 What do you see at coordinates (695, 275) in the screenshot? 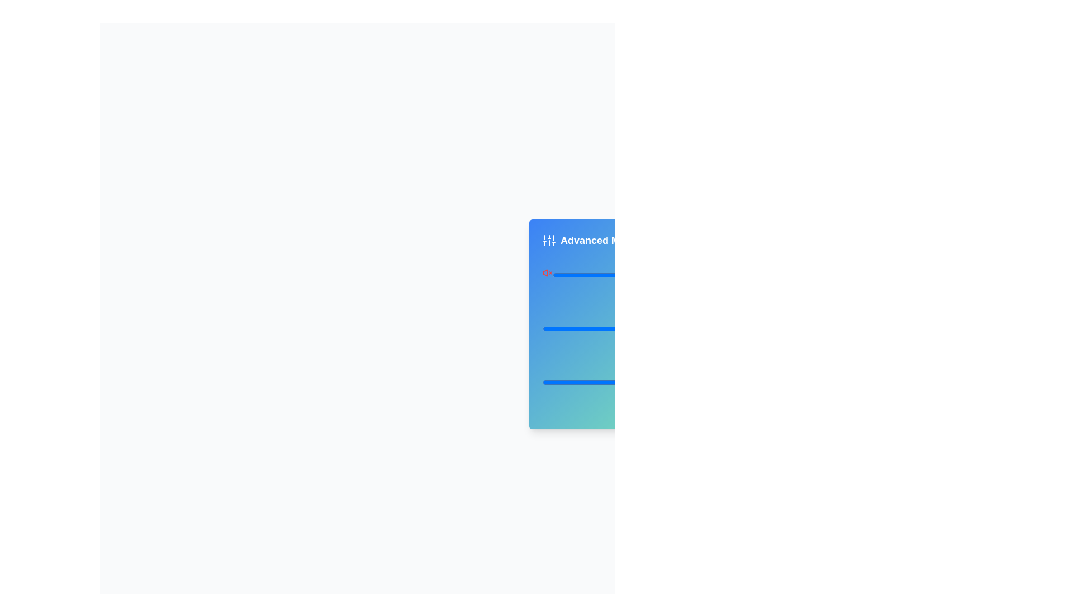
I see `the slider` at bounding box center [695, 275].